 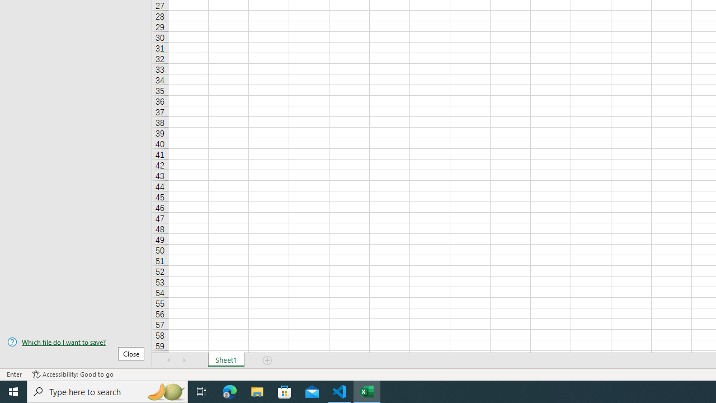 I want to click on 'Scroll Right', so click(x=185, y=360).